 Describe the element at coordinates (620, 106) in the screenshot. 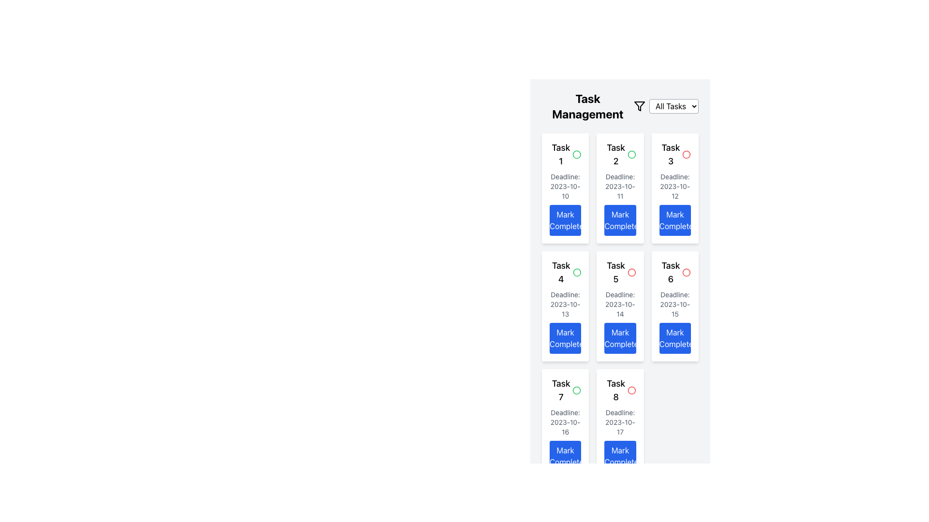

I see `the 'All Tasks' dropdown menu in the Task Management section` at that location.